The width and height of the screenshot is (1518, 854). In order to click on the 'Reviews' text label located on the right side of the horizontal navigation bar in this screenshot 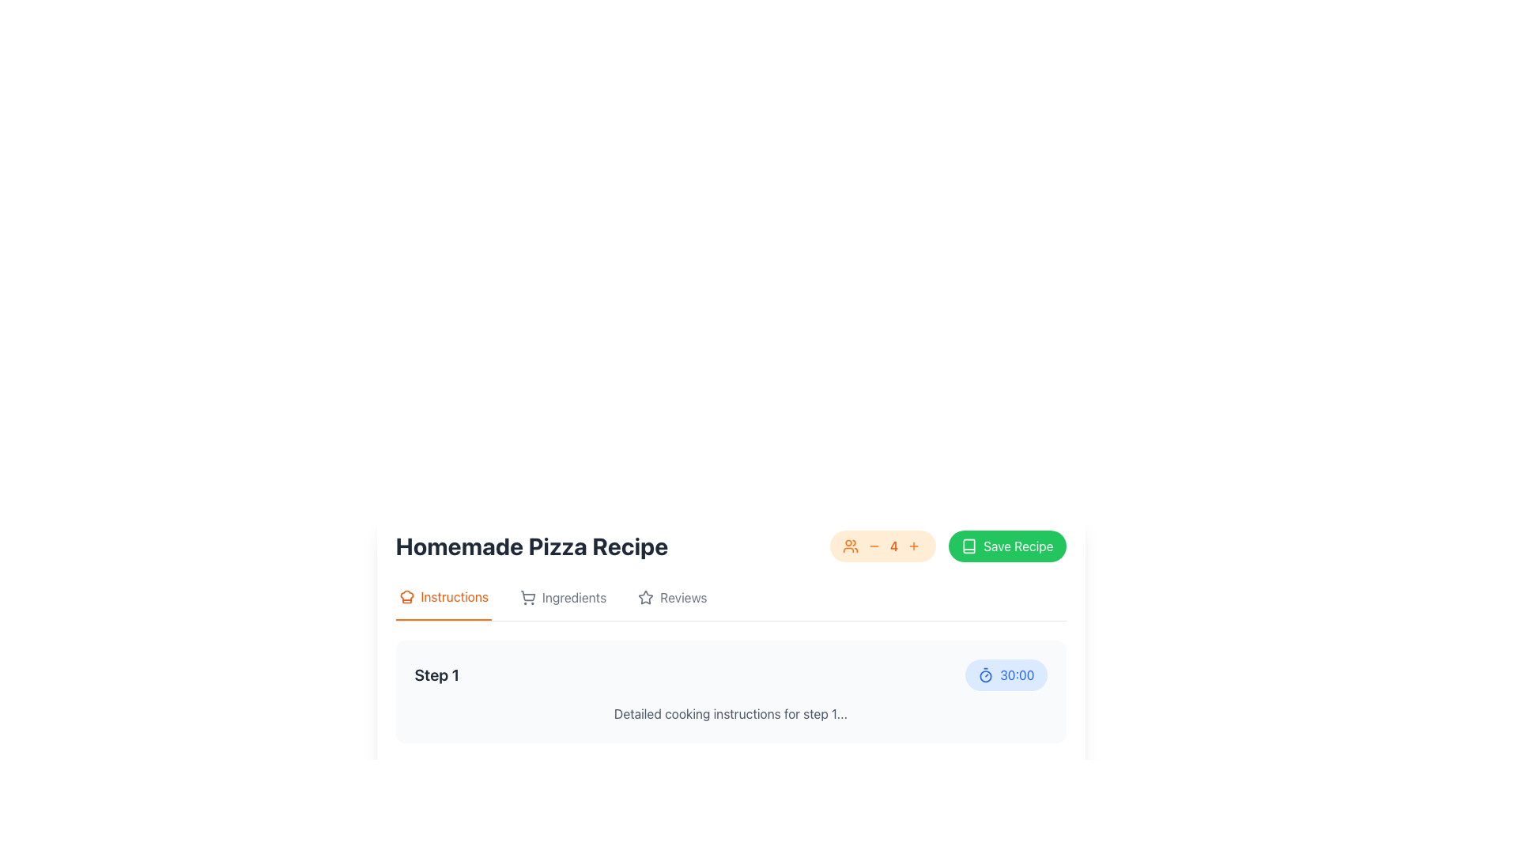, I will do `click(683, 598)`.